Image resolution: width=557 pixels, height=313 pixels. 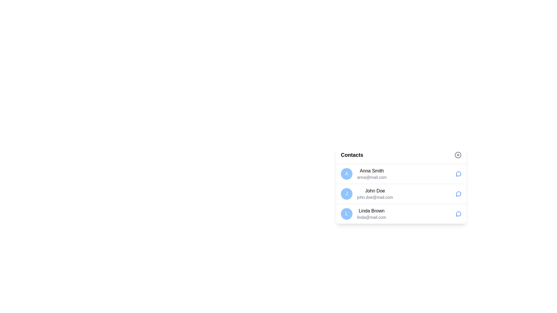 I want to click on text label representing the email address of the contact 'Linda Brown', which is located below the name in the contact list, so click(x=371, y=217).